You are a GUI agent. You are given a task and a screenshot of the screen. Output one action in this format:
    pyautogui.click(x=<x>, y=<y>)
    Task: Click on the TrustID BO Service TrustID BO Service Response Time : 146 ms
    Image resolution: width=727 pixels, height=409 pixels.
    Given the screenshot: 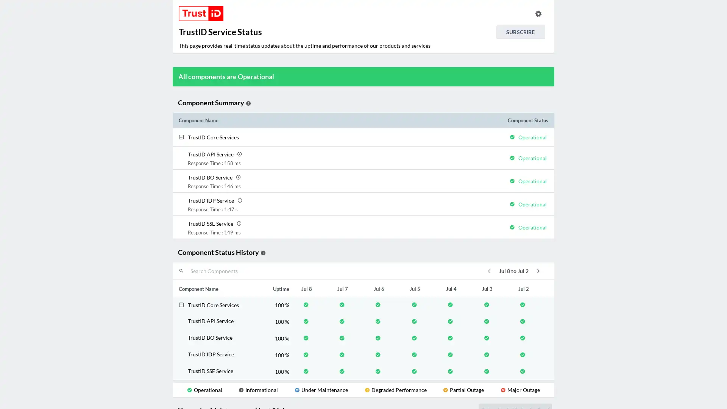 What is the action you would take?
    pyautogui.click(x=317, y=181)
    